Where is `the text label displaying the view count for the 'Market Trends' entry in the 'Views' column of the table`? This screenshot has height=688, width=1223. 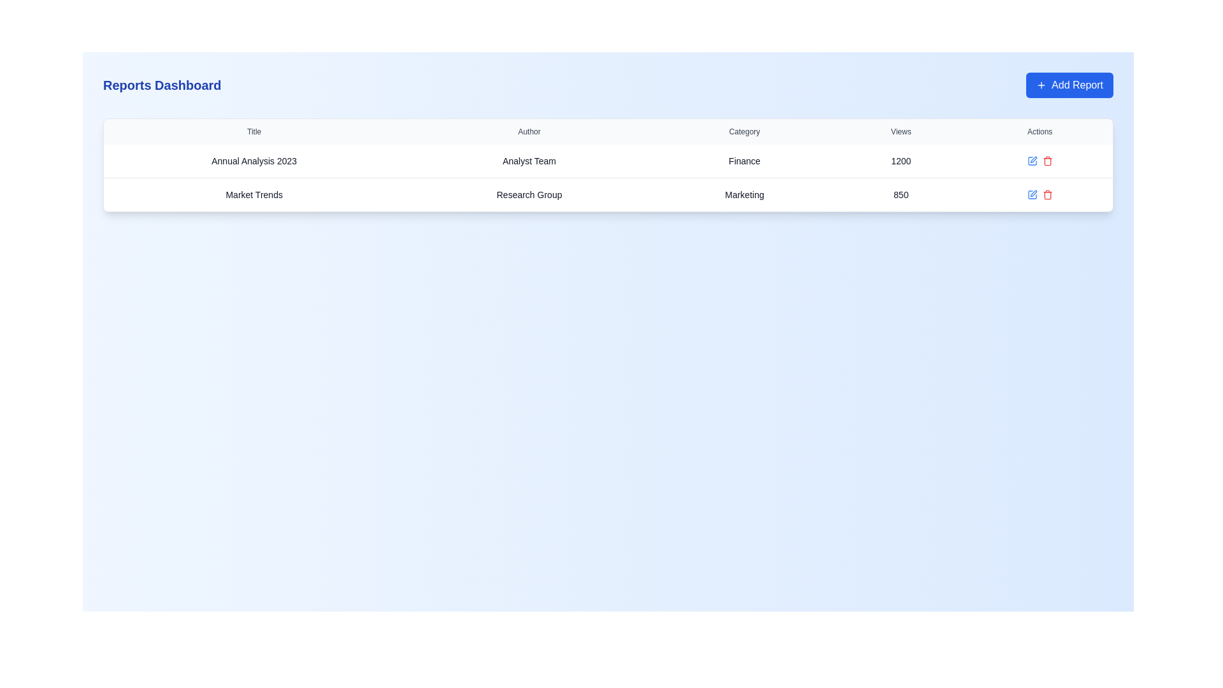
the text label displaying the view count for the 'Market Trends' entry in the 'Views' column of the table is located at coordinates (900, 194).